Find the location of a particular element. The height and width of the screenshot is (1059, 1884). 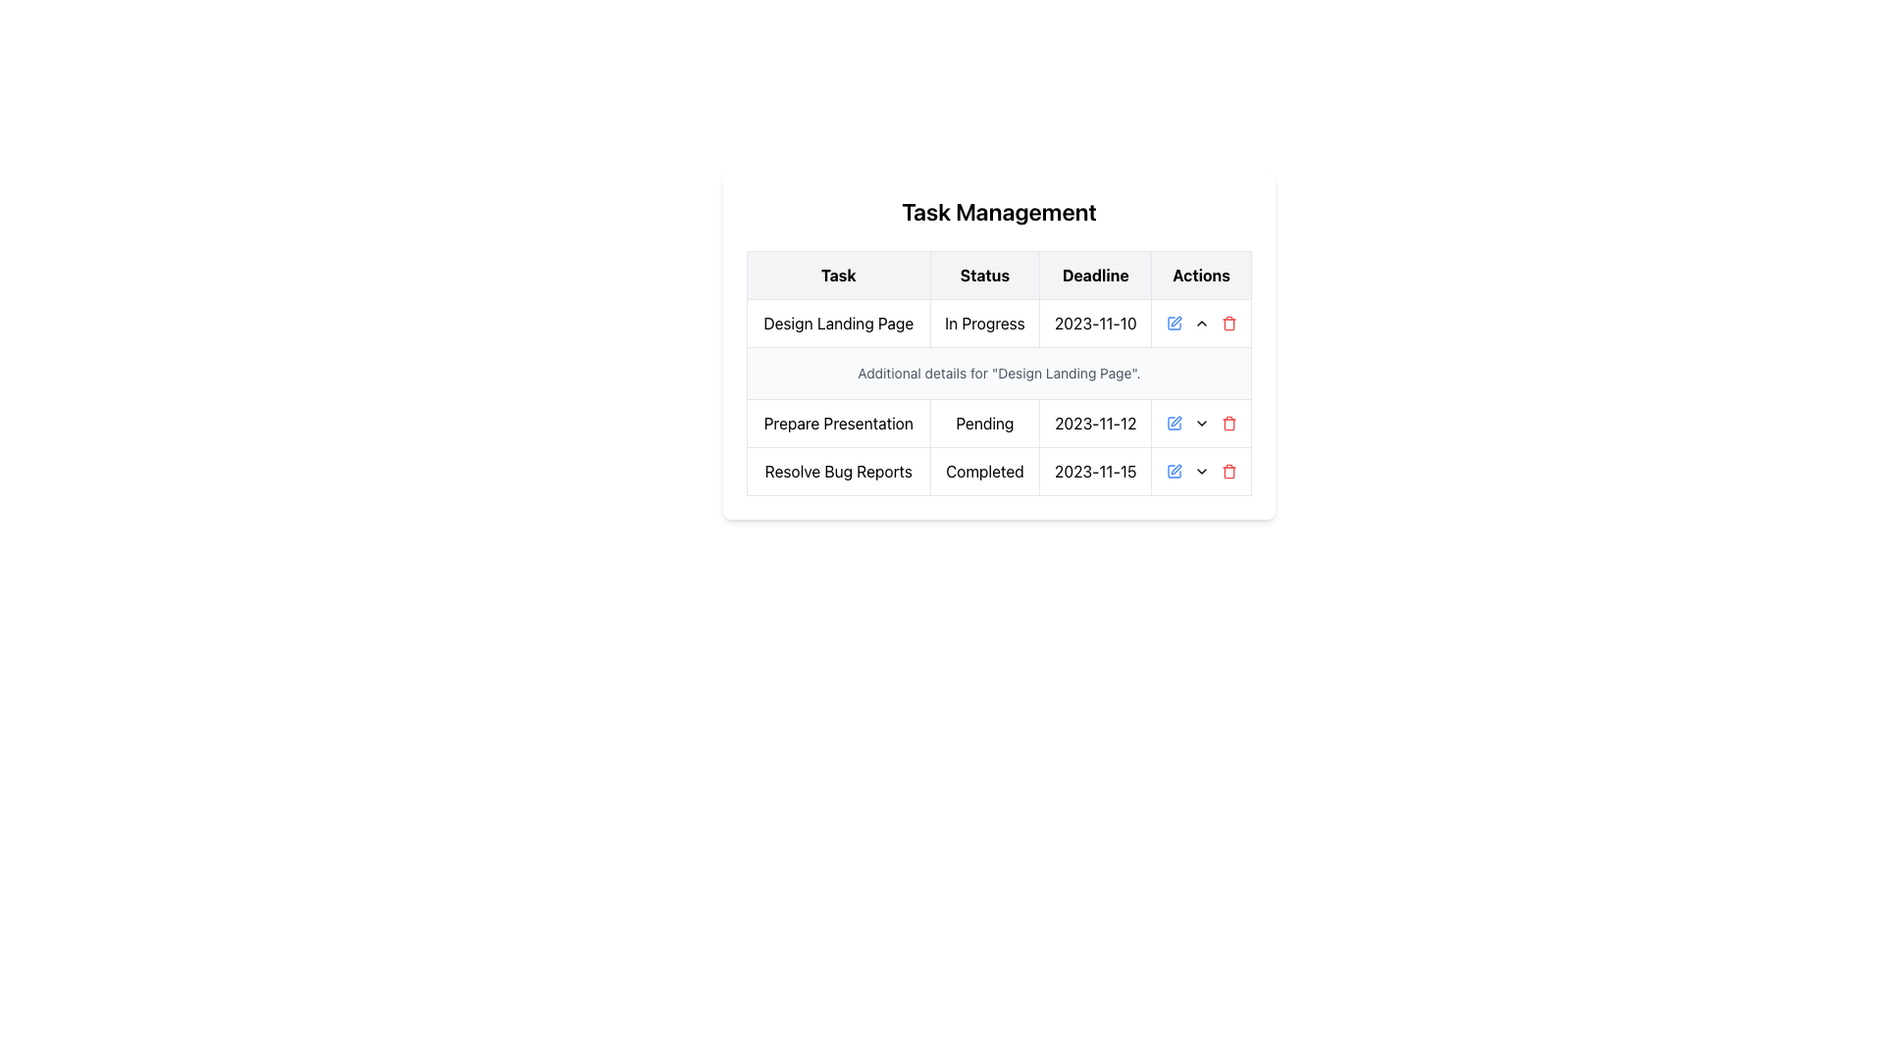

the Text Label displaying 'Design Landing Page' in the Task Management table, which is located in the first cell of the first row under the 'Task' column is located at coordinates (838, 323).